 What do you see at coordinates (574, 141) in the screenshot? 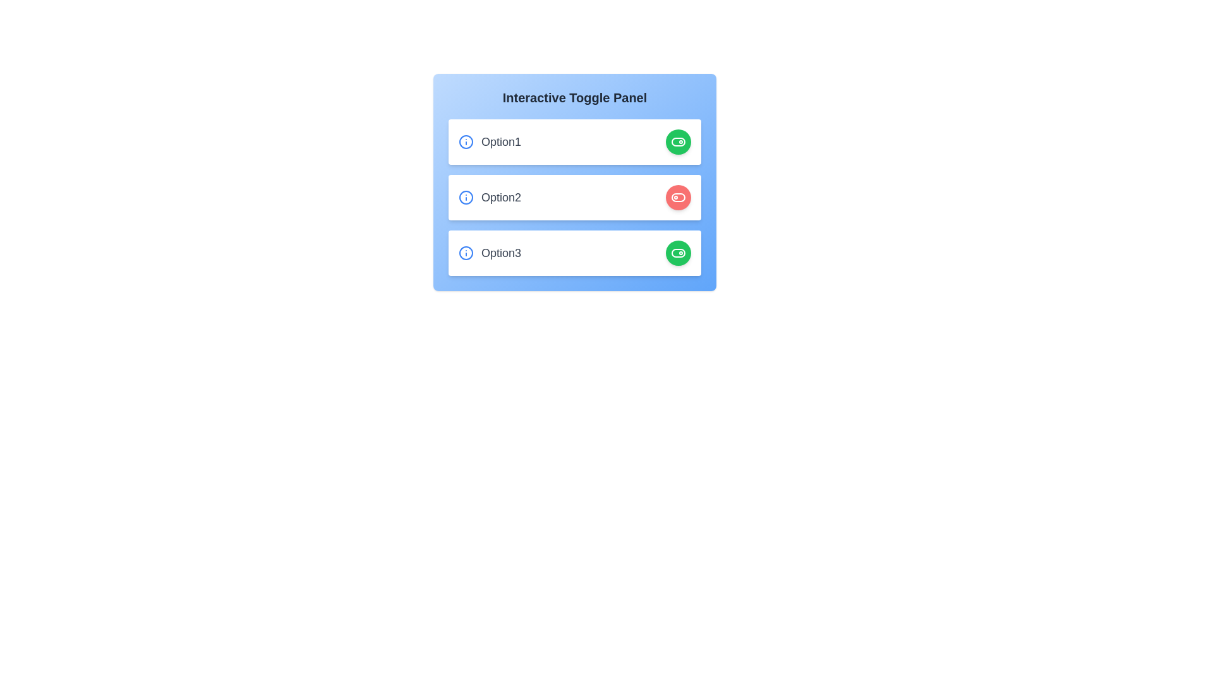
I see `the element corresponding to option1 to observe its hover effect` at bounding box center [574, 141].